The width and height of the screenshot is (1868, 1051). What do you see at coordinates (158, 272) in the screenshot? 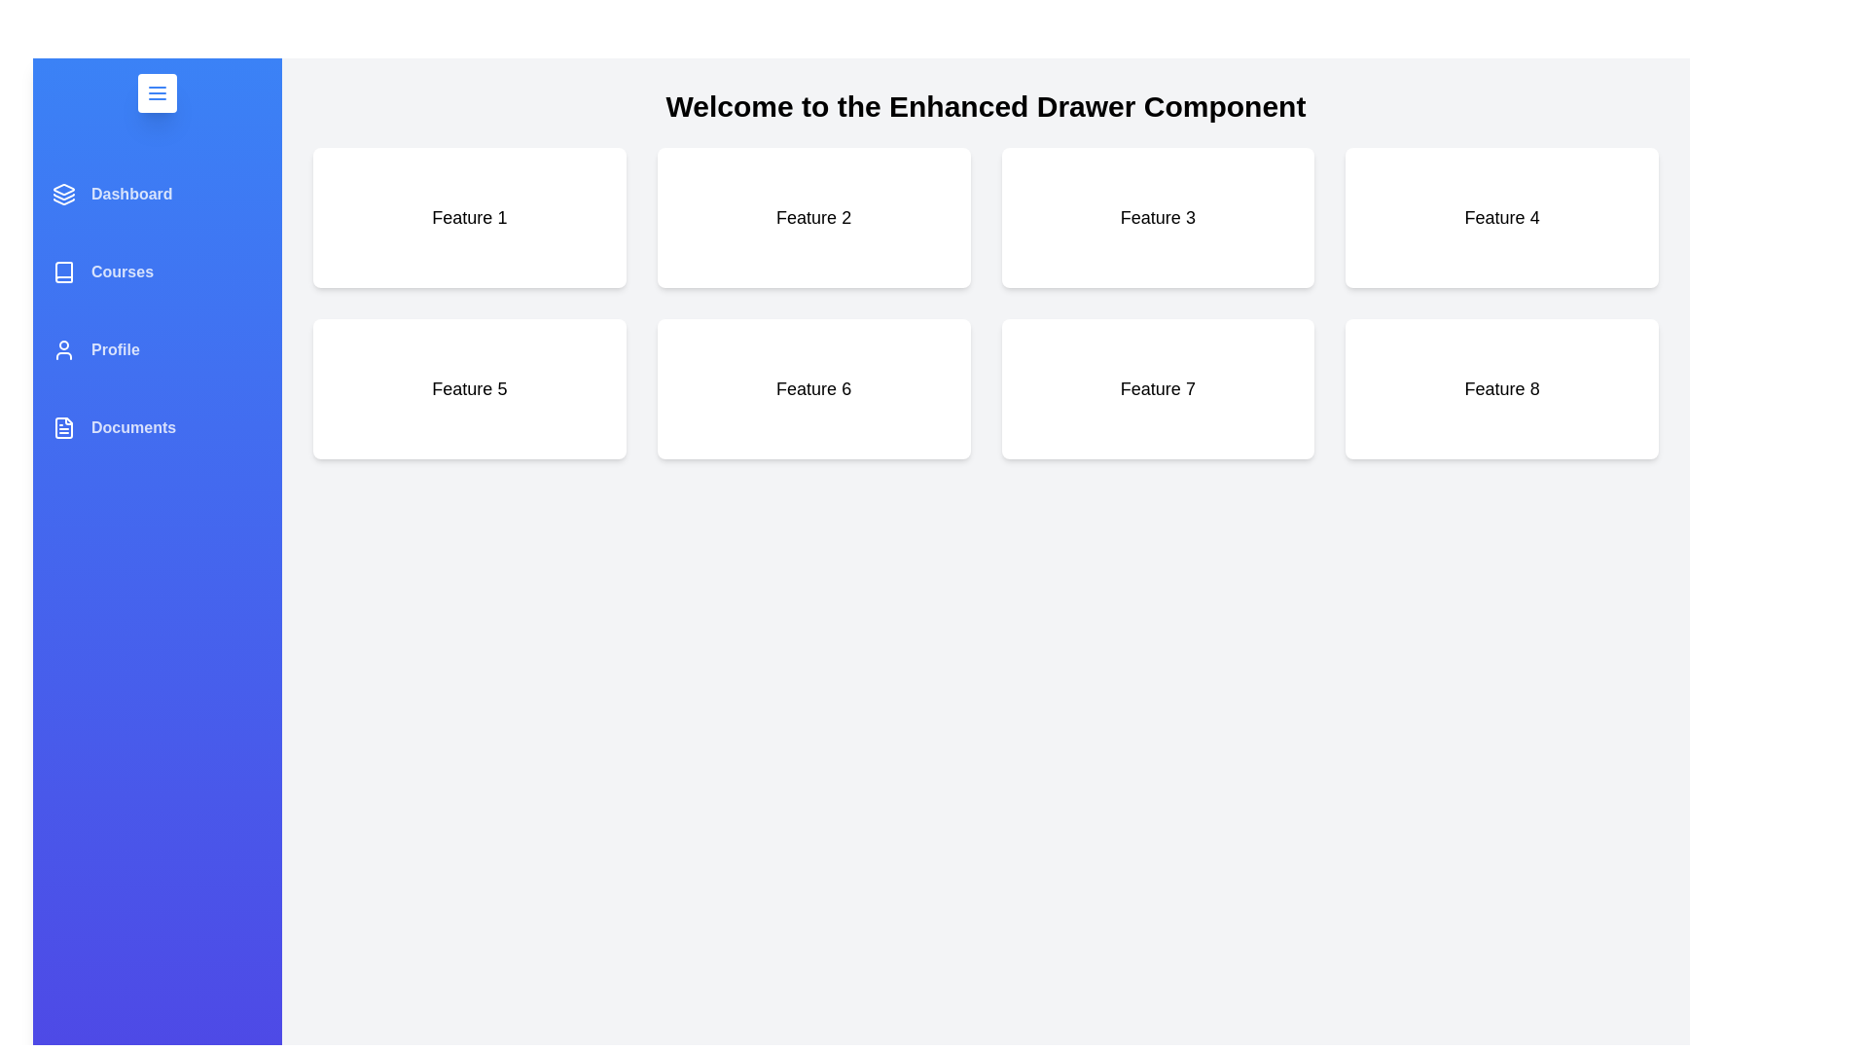
I see `the menu item Courses to reveal its hover effect` at bounding box center [158, 272].